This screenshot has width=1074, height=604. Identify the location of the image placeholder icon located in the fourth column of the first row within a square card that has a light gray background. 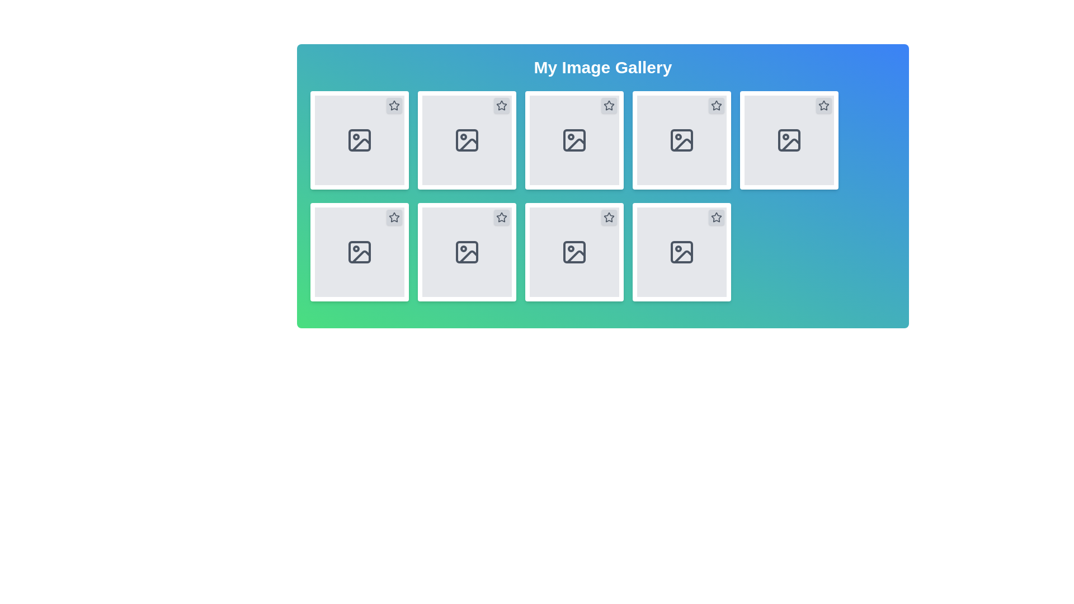
(681, 139).